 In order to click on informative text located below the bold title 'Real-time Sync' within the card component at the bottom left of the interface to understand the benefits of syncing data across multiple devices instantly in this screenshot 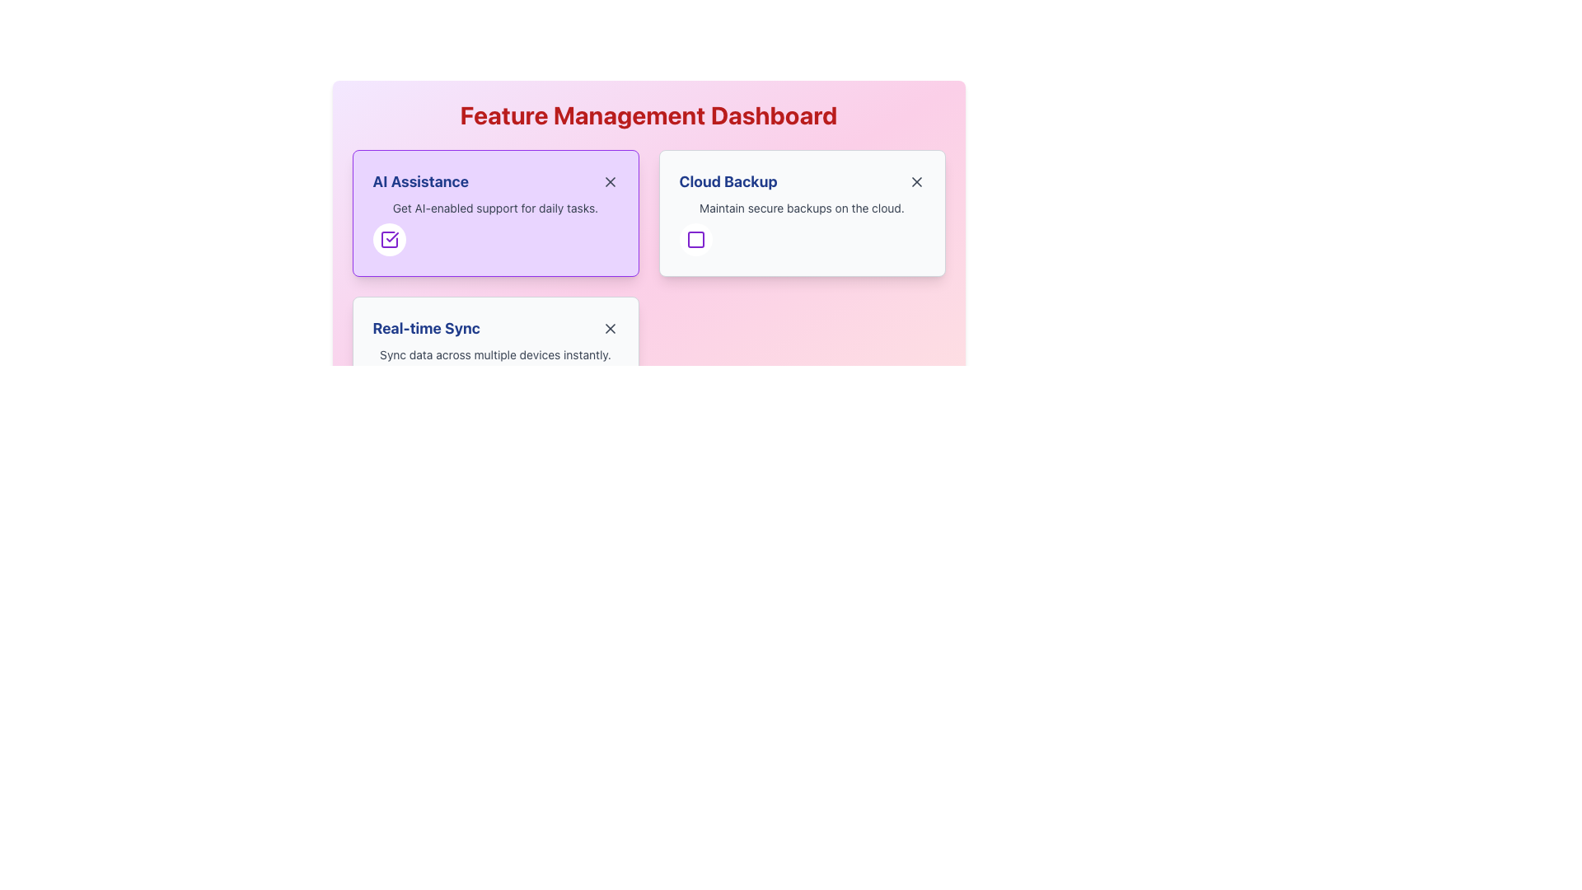, I will do `click(494, 354)`.